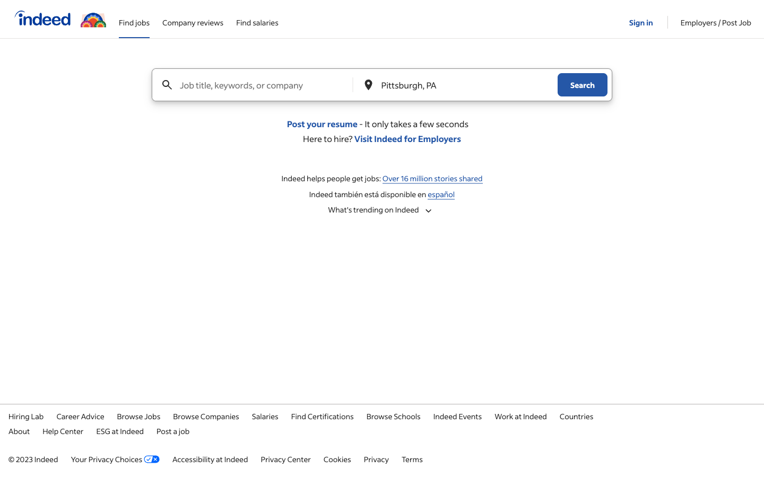  Describe the element at coordinates (264, 85) in the screenshot. I see `Search job opportunities for Machine Learning Engineer` at that location.